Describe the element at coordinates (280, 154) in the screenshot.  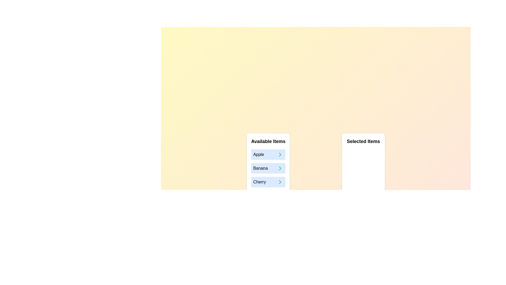
I see `right arrow button next to the item Apple in the 'Available Items' list to move it to the 'Selected Items' list` at that location.